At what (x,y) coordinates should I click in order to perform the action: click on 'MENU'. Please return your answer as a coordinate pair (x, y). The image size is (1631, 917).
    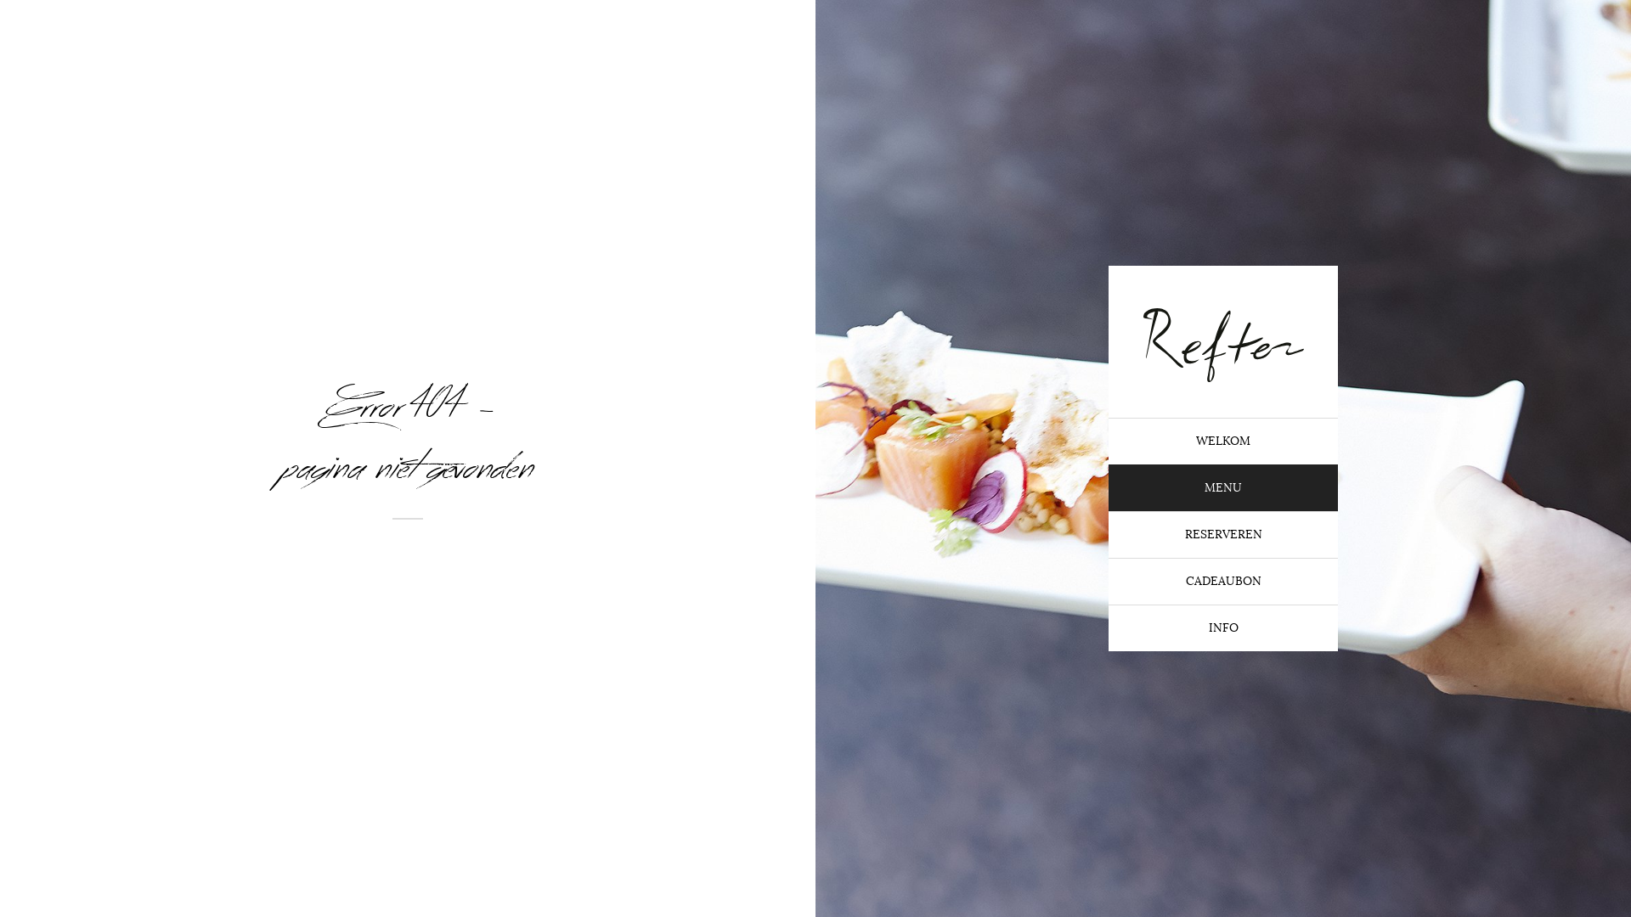
    Looking at the image, I should click on (1223, 487).